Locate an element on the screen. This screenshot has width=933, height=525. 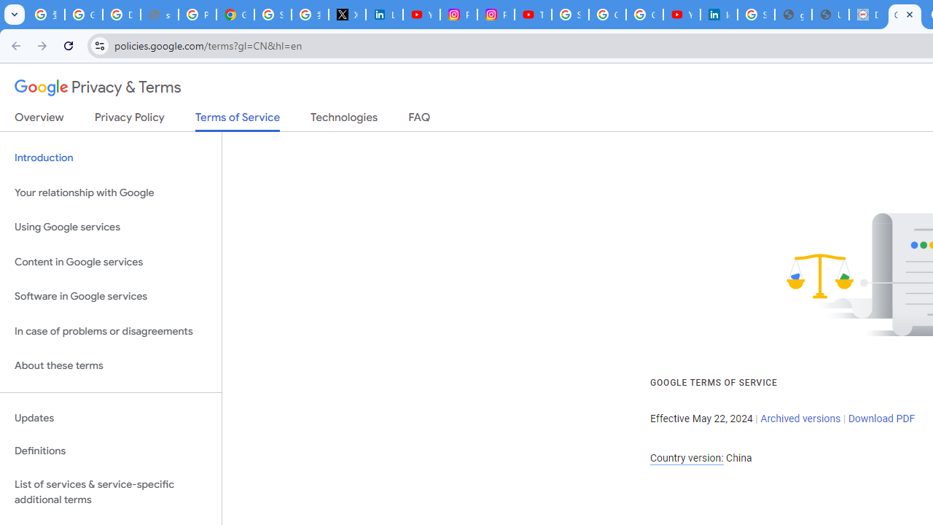
'YouTube Content Monetization Policies - How YouTube Works' is located at coordinates (421, 15).